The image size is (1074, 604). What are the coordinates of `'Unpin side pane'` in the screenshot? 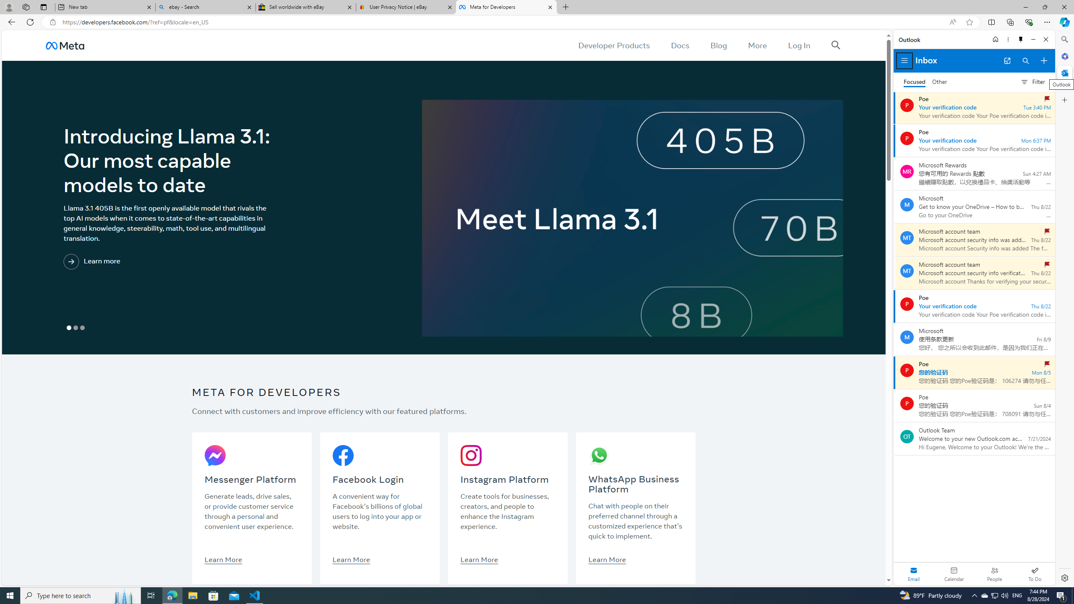 It's located at (1021, 39).